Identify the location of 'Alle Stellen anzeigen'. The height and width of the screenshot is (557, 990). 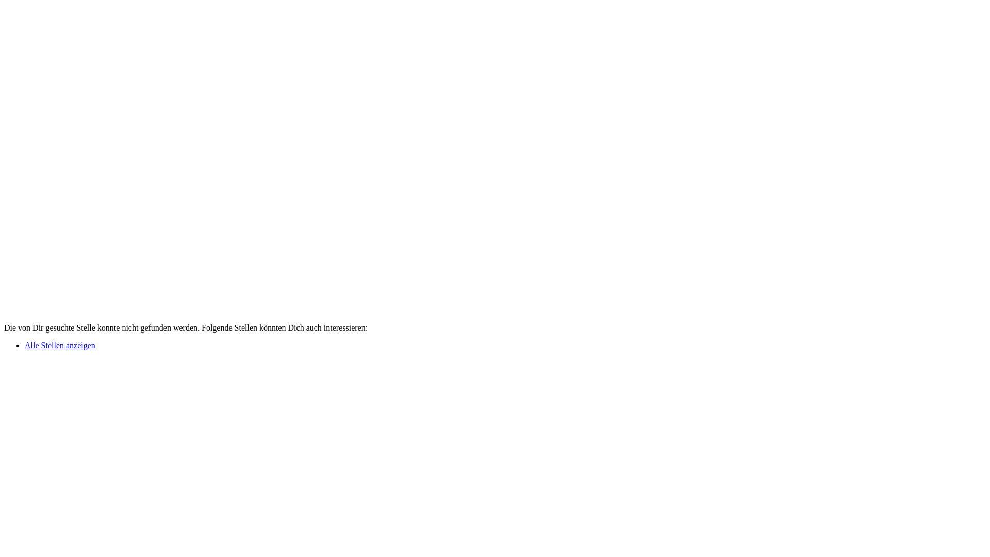
(59, 345).